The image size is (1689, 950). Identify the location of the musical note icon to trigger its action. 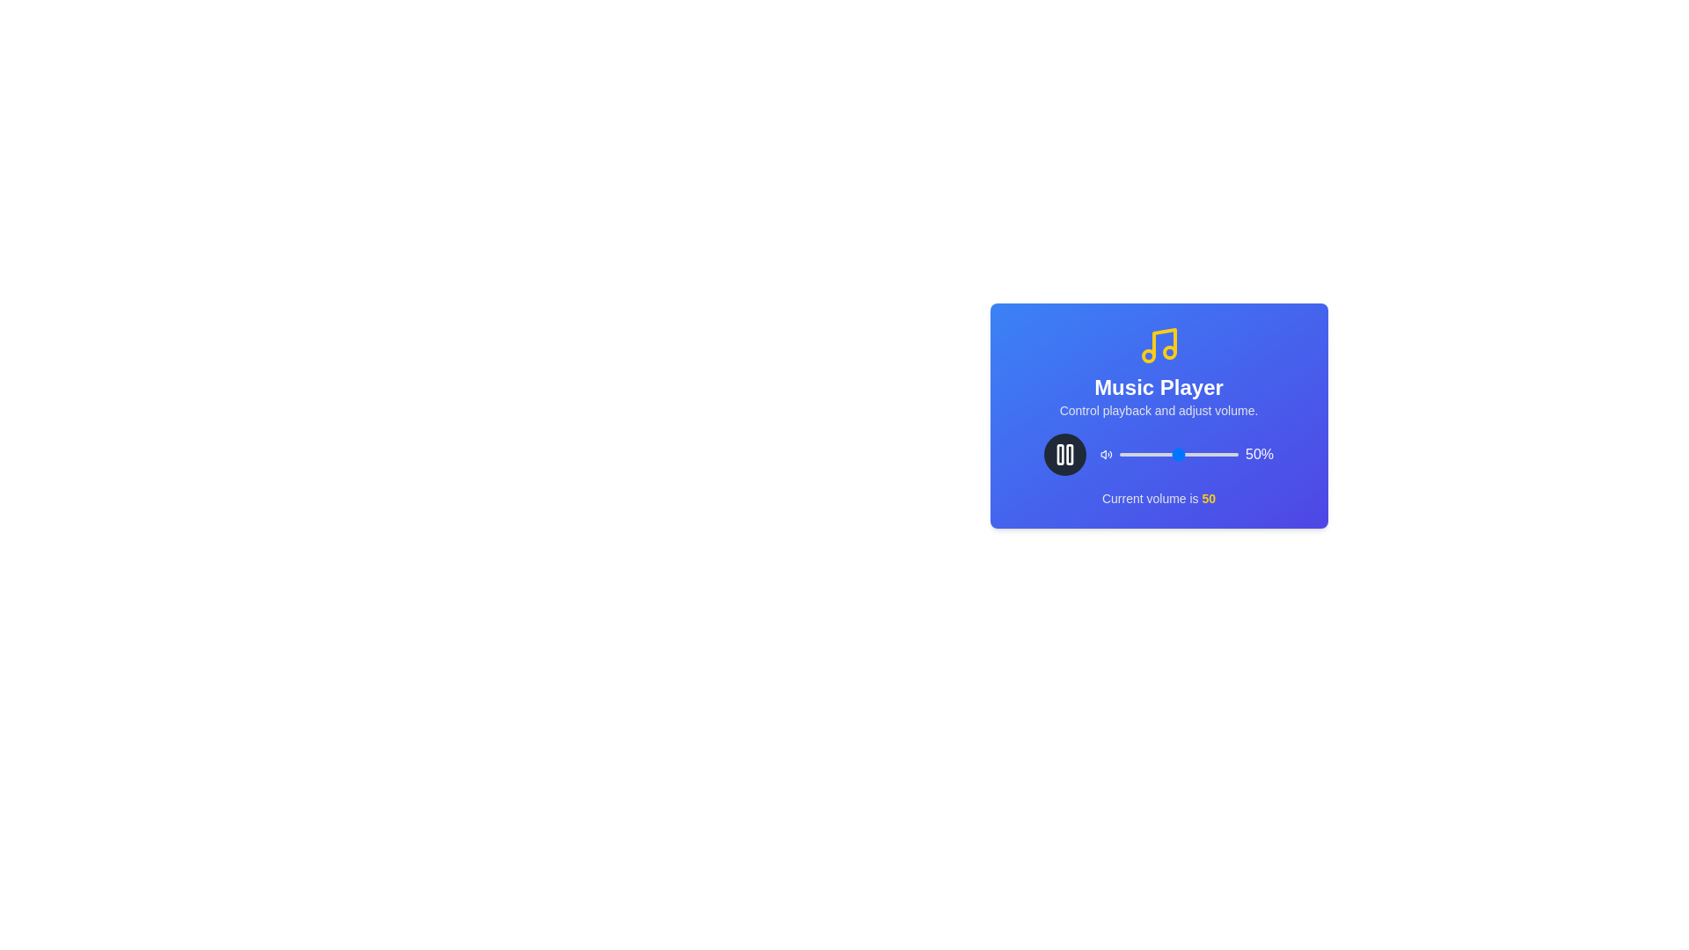
(1159, 346).